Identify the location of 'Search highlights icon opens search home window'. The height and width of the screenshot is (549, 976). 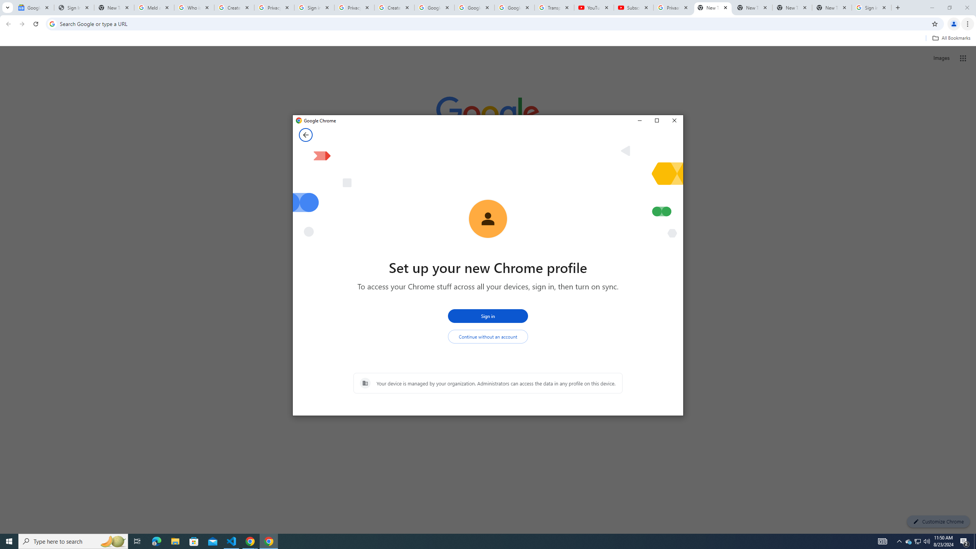
(112, 541).